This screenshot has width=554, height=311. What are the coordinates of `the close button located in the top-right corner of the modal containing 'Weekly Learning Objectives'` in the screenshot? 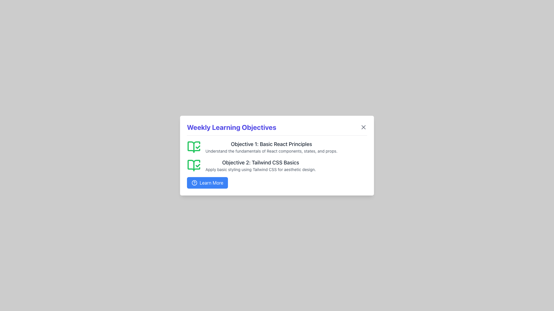 It's located at (363, 127).